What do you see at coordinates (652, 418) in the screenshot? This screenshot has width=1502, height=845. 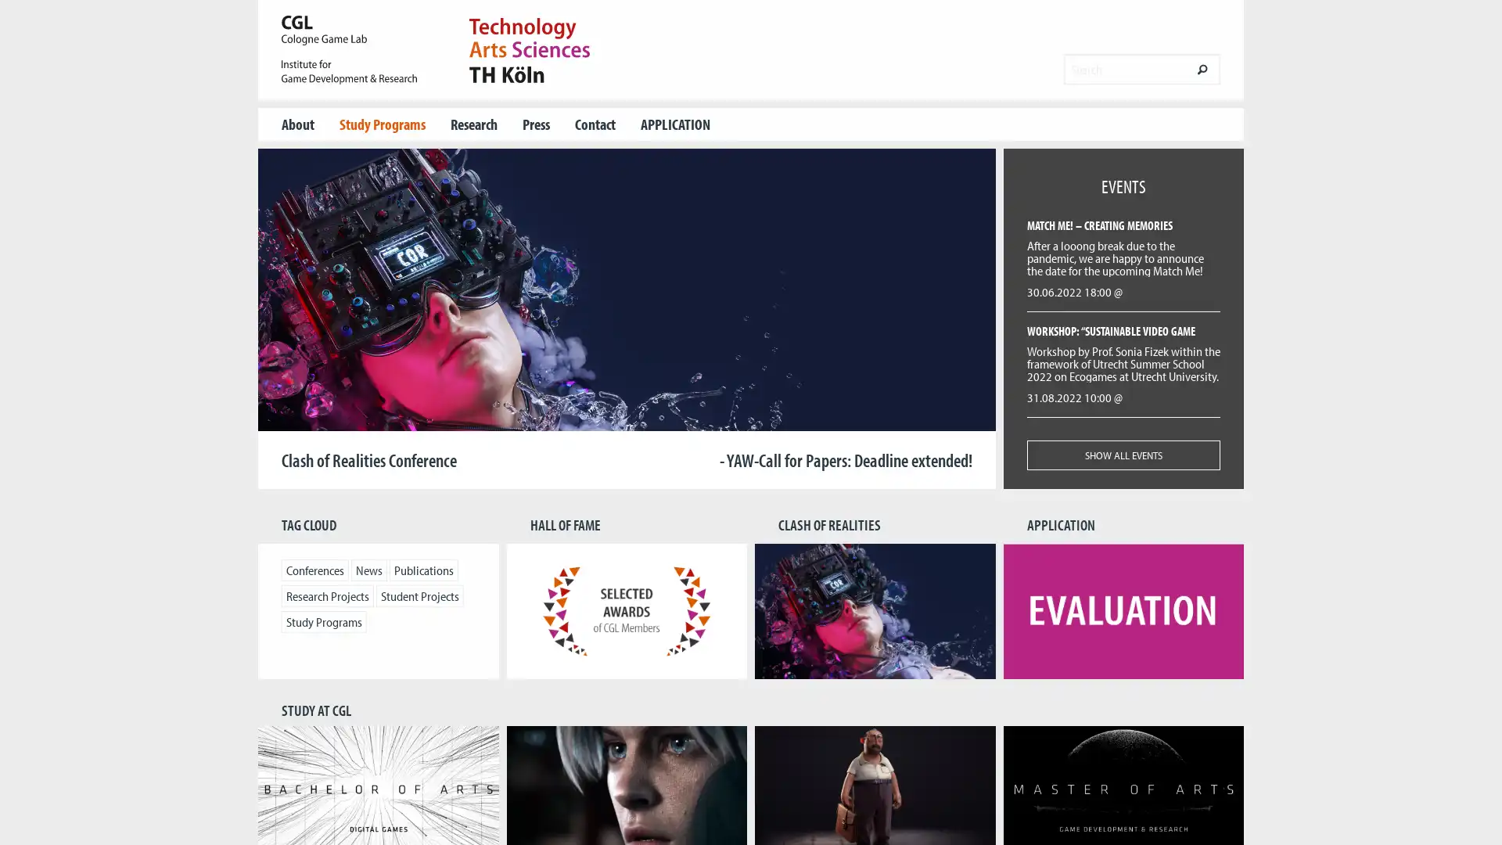 I see `Antura for Ukraine` at bounding box center [652, 418].